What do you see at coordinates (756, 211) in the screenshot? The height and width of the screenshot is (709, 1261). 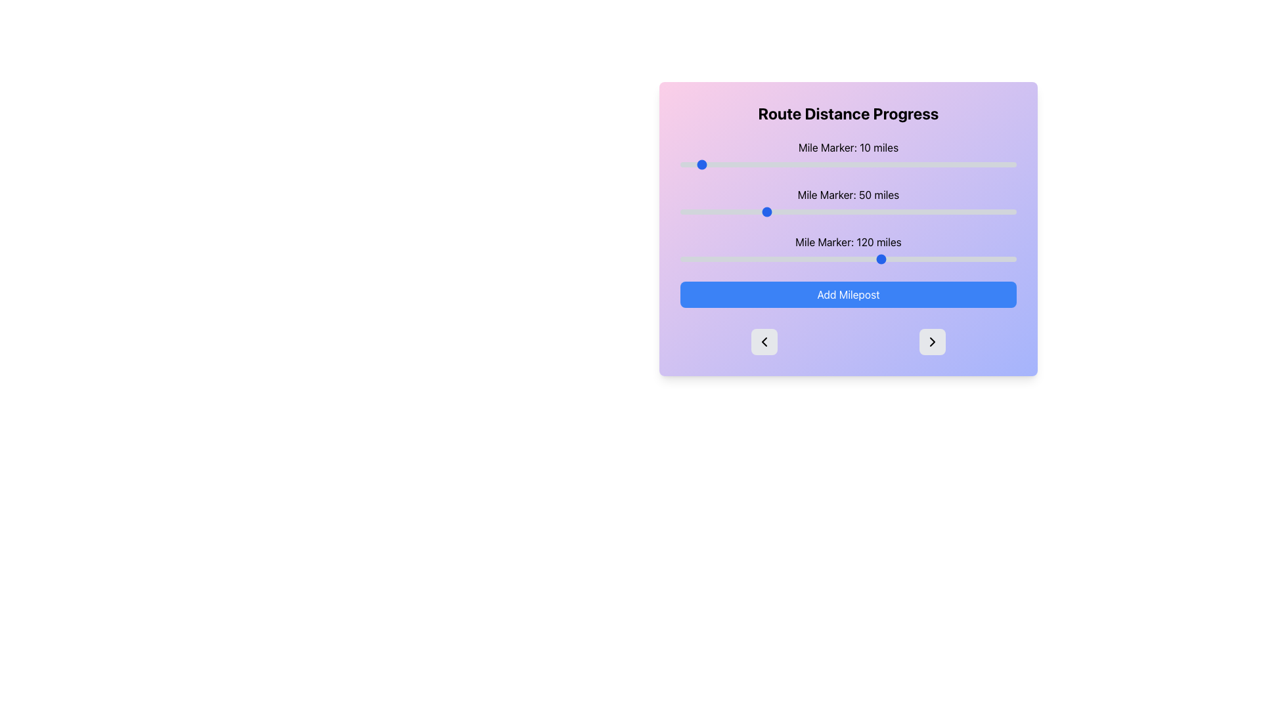 I see `the mile marker` at bounding box center [756, 211].